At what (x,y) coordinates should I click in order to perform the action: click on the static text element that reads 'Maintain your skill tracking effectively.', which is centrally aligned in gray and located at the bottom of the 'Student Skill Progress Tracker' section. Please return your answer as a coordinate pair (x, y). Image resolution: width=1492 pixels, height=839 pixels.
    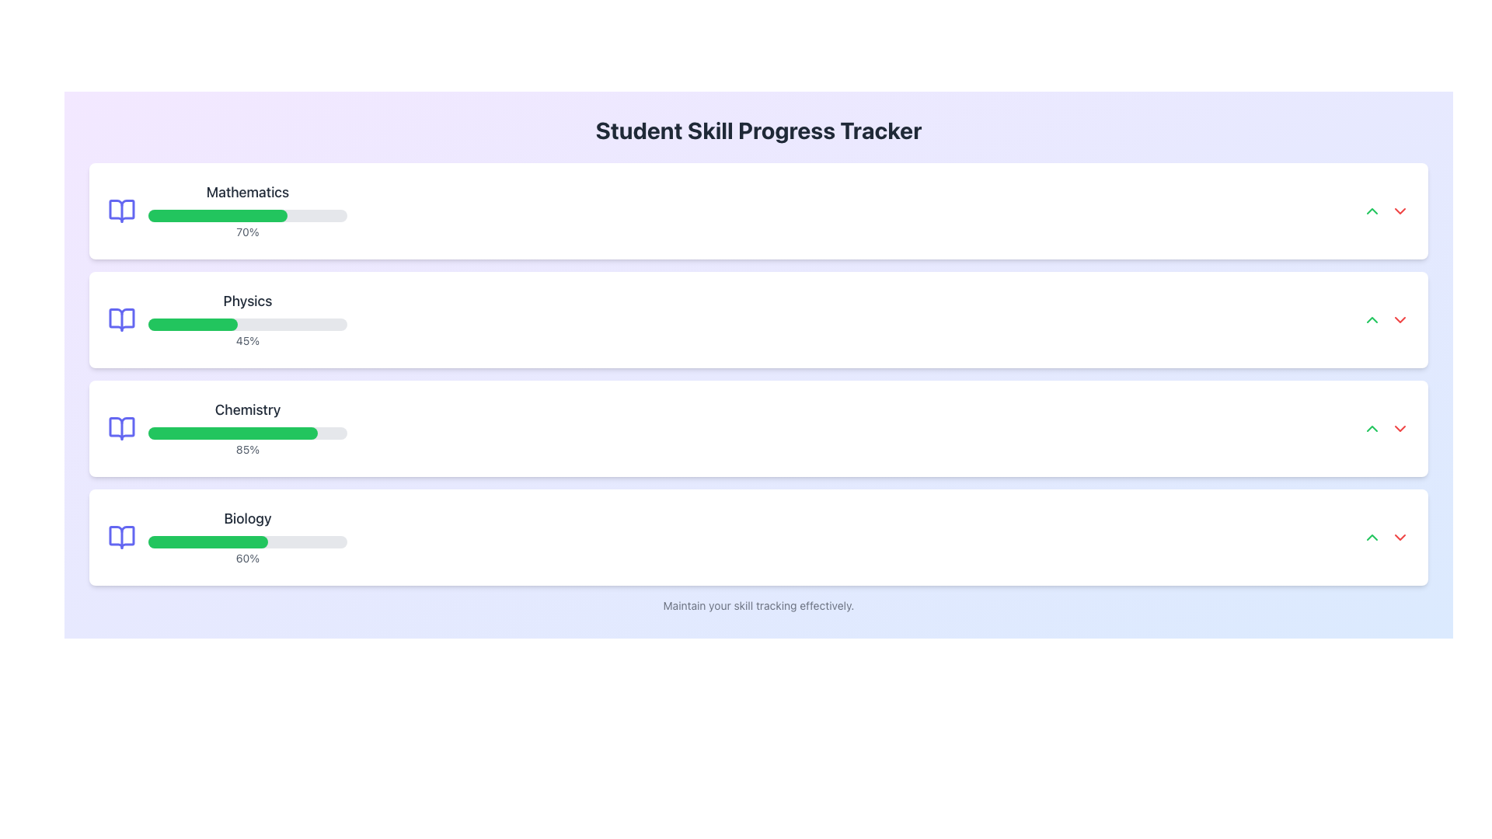
    Looking at the image, I should click on (758, 604).